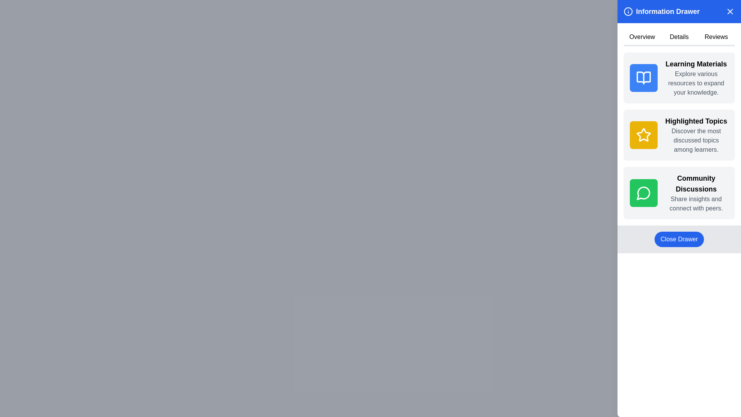 The height and width of the screenshot is (417, 741). What do you see at coordinates (696, 135) in the screenshot?
I see `the 'Highlighted Topics' text and description block, which contains the title 'Highlighted Topics' in bold and the description 'Discover the most discussed topics among learners.'` at bounding box center [696, 135].